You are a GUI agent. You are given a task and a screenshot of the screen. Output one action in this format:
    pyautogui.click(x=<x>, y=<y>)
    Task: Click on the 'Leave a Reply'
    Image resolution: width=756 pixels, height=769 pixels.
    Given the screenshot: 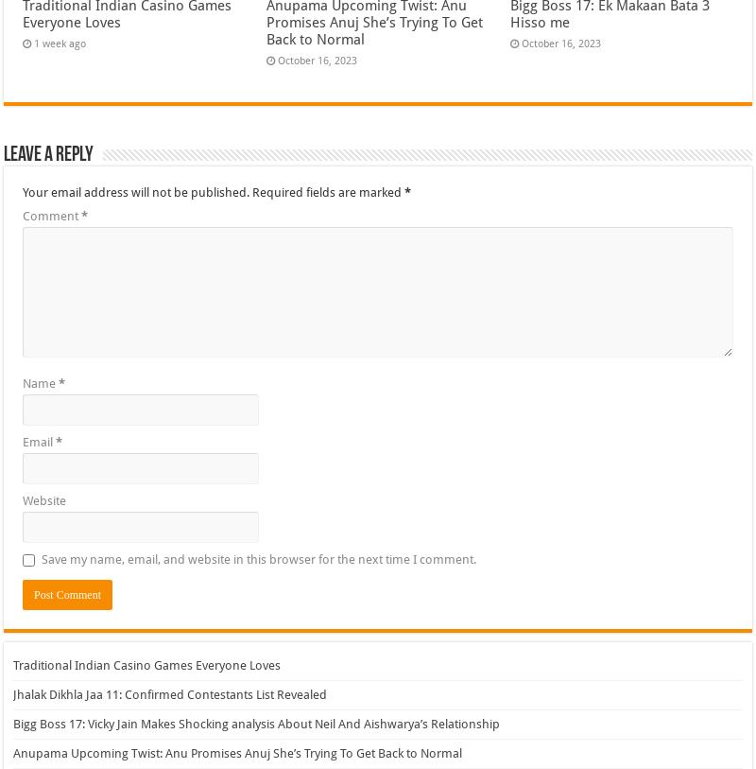 What is the action you would take?
    pyautogui.click(x=47, y=153)
    